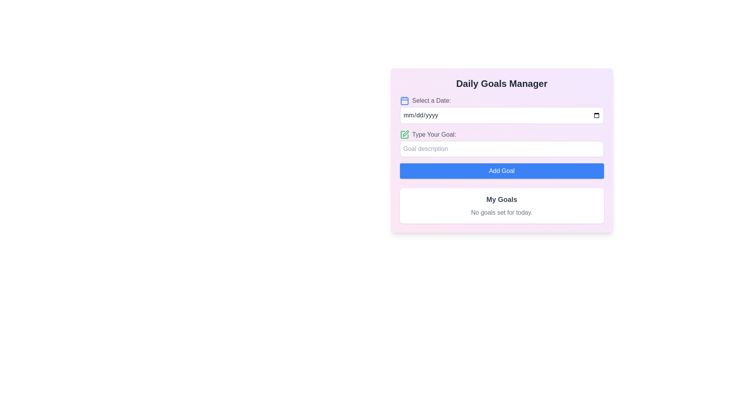 The width and height of the screenshot is (742, 417). Describe the element at coordinates (502, 115) in the screenshot. I see `the Date input field located in the 'Select a Date:' section to focus on it` at that location.